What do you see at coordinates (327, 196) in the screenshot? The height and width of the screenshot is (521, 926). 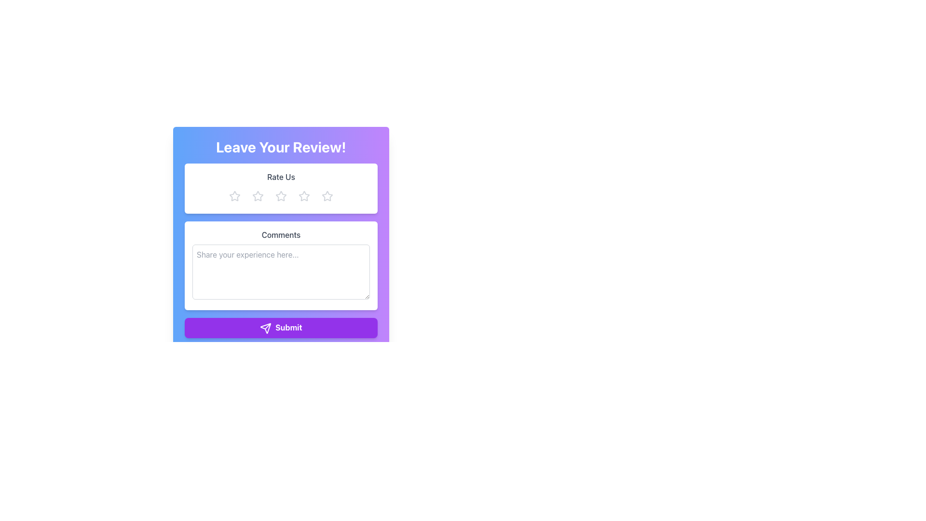 I see `the fifth star icon in the rating stars row to assign a five-star rating` at bounding box center [327, 196].